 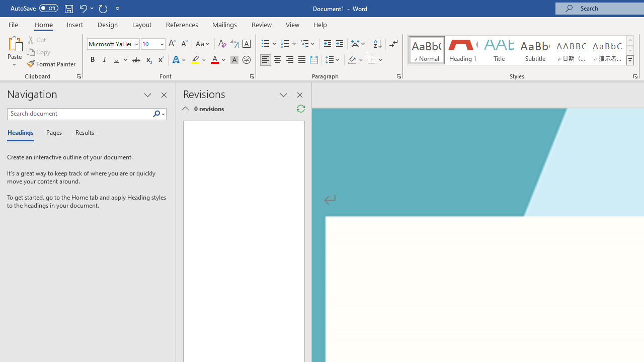 What do you see at coordinates (83, 8) in the screenshot?
I see `'Undo Paragraph Alignment'` at bounding box center [83, 8].